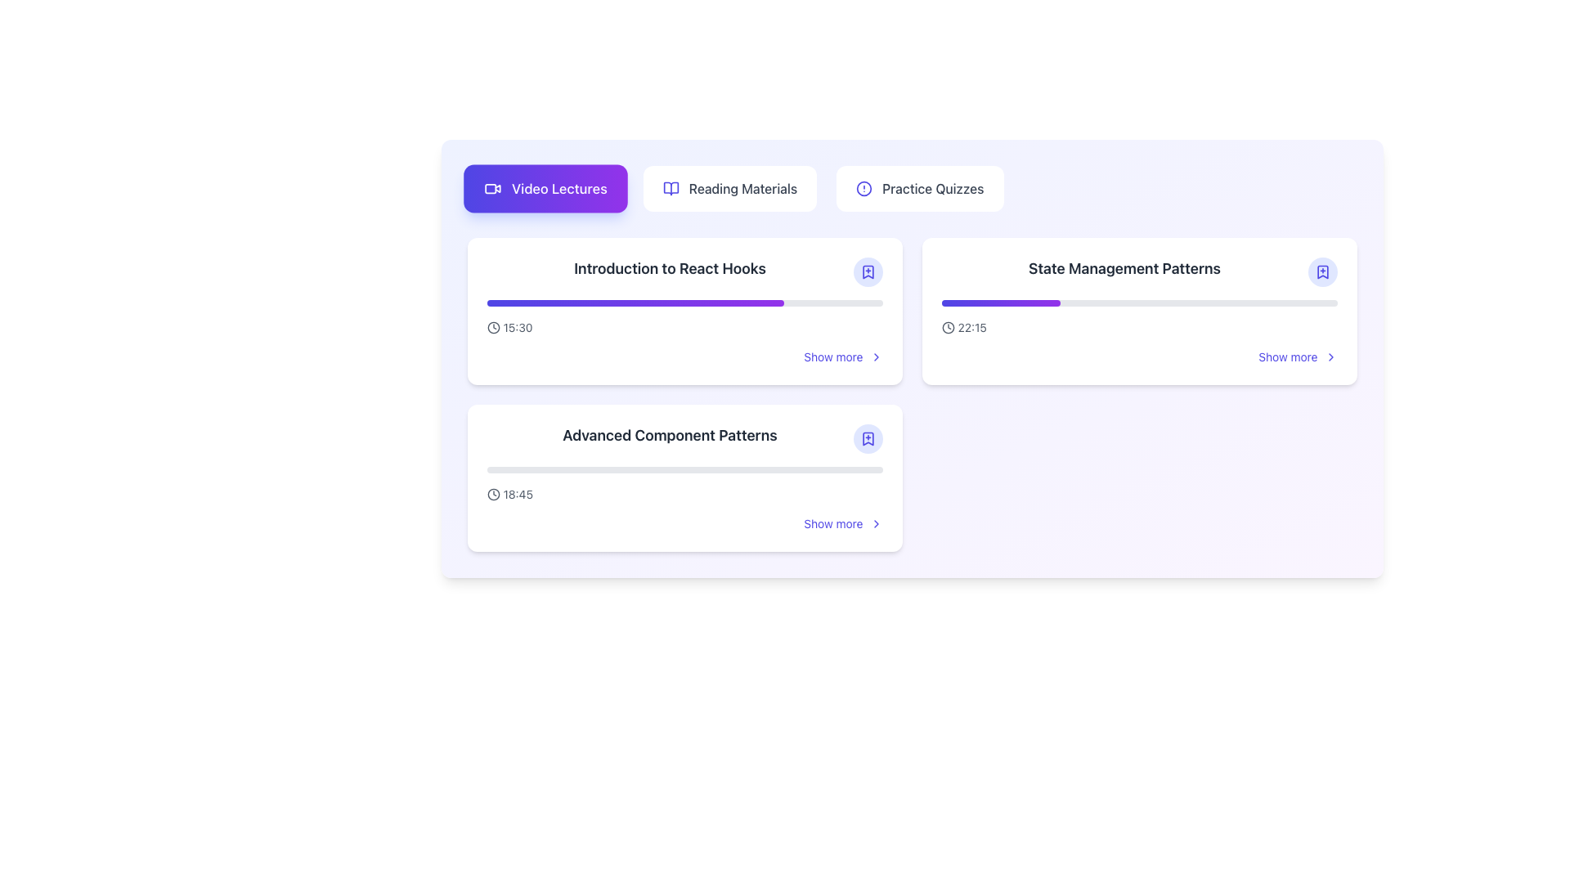  I want to click on the 'Show more' text link located in the bottom-right portion of the 'Introduction to React Hooks' card, so click(832, 356).